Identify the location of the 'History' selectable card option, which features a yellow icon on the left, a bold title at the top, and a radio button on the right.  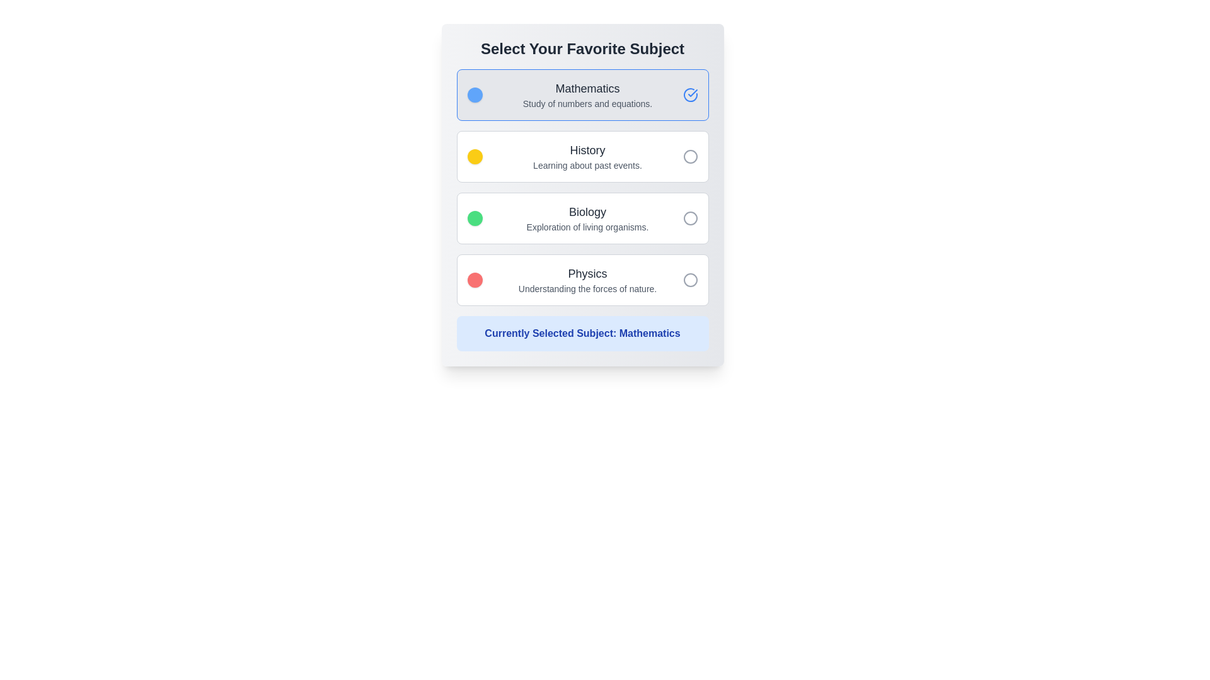
(582, 156).